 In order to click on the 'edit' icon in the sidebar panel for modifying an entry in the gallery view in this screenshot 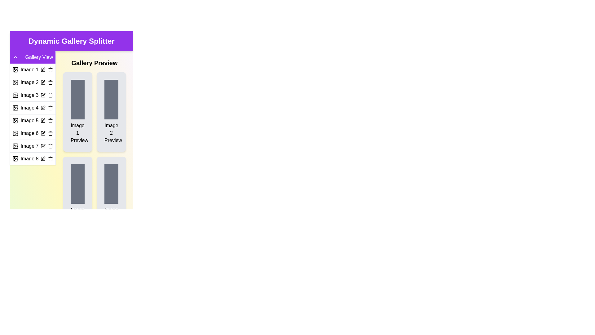, I will do `click(32, 108)`.